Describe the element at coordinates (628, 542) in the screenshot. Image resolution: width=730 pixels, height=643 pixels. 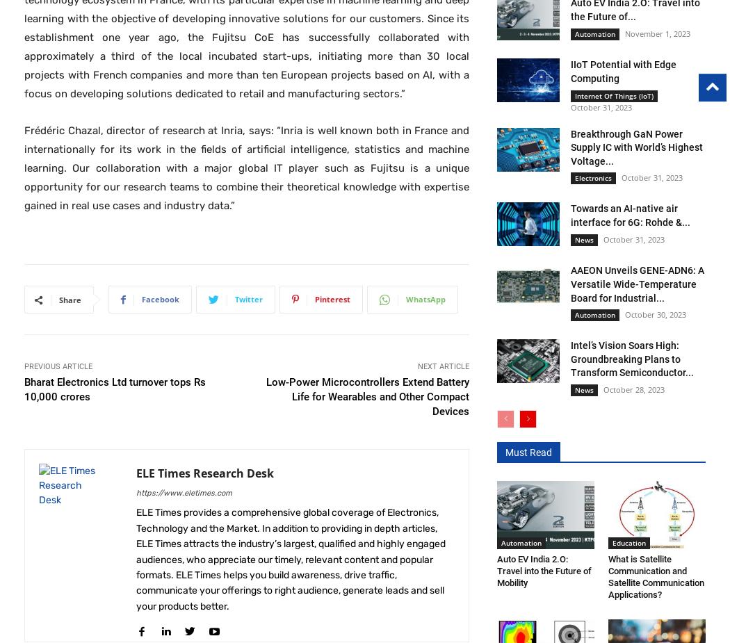
I see `'Education'` at that location.